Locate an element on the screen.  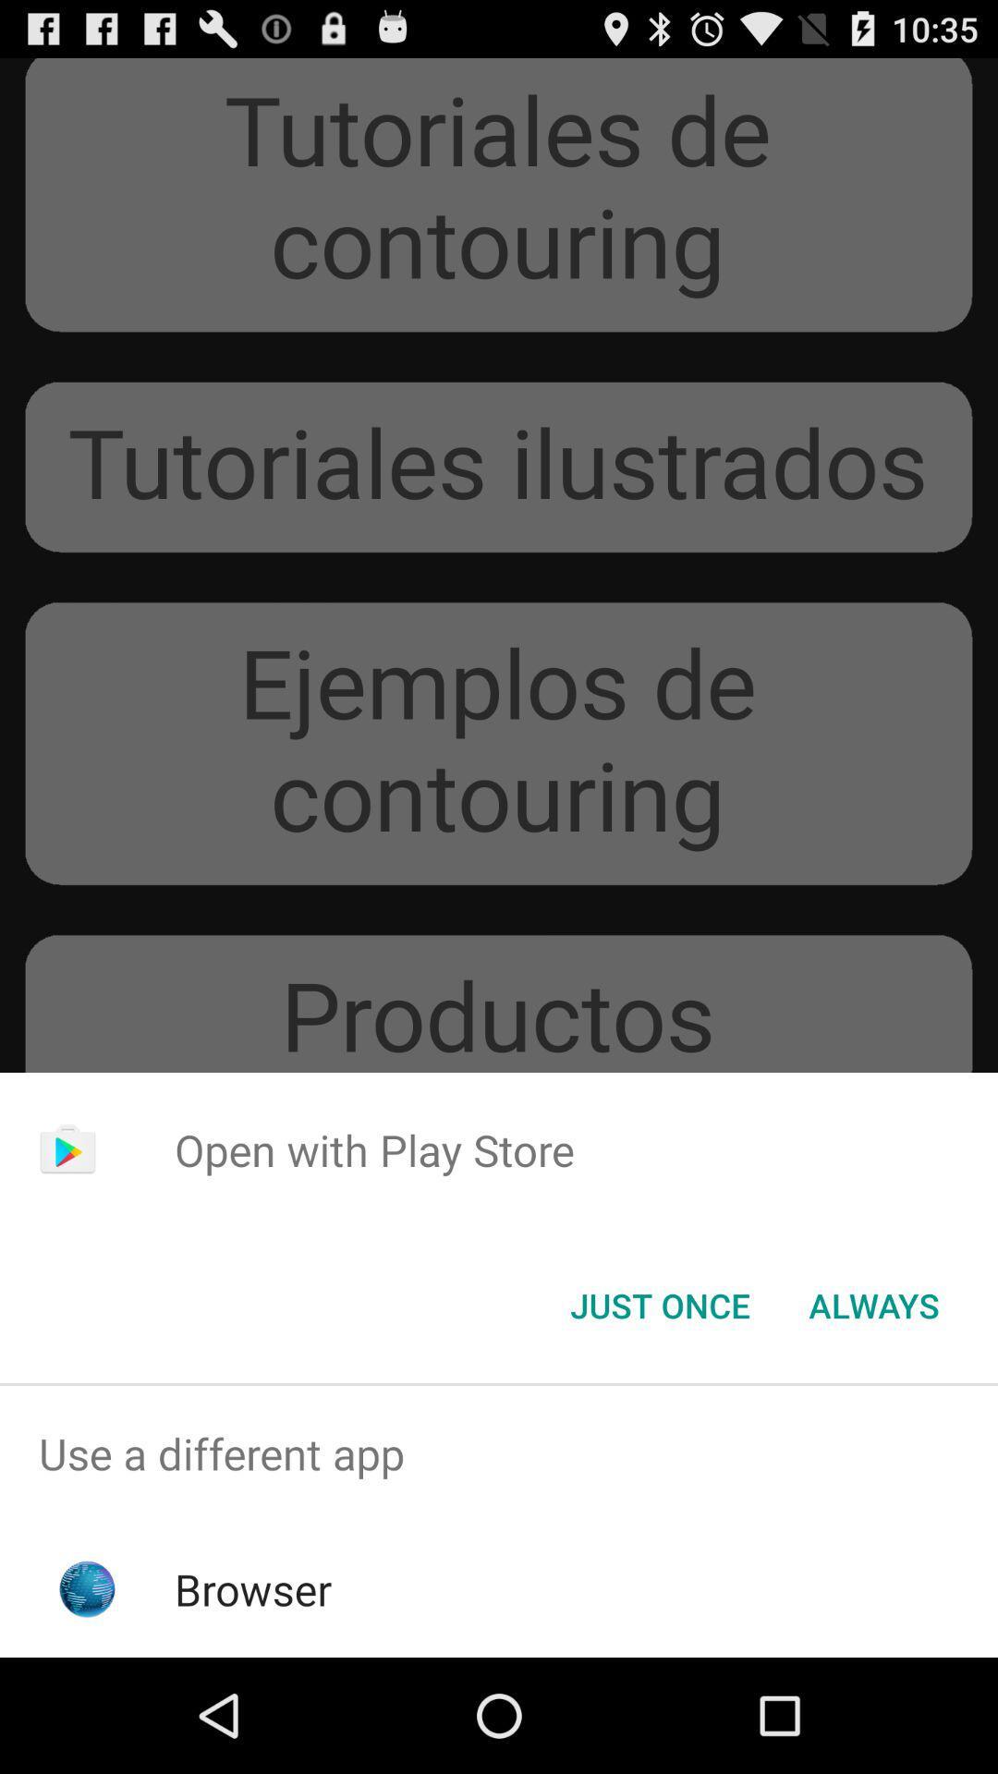
just once icon is located at coordinates (659, 1304).